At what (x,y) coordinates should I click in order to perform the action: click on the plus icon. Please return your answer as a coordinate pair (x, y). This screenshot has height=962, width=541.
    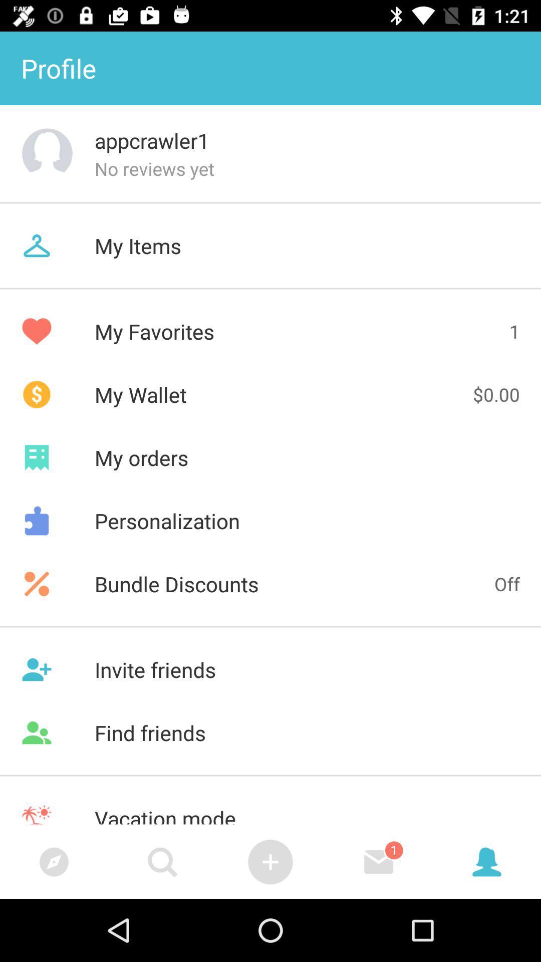
    Looking at the image, I should click on (270, 861).